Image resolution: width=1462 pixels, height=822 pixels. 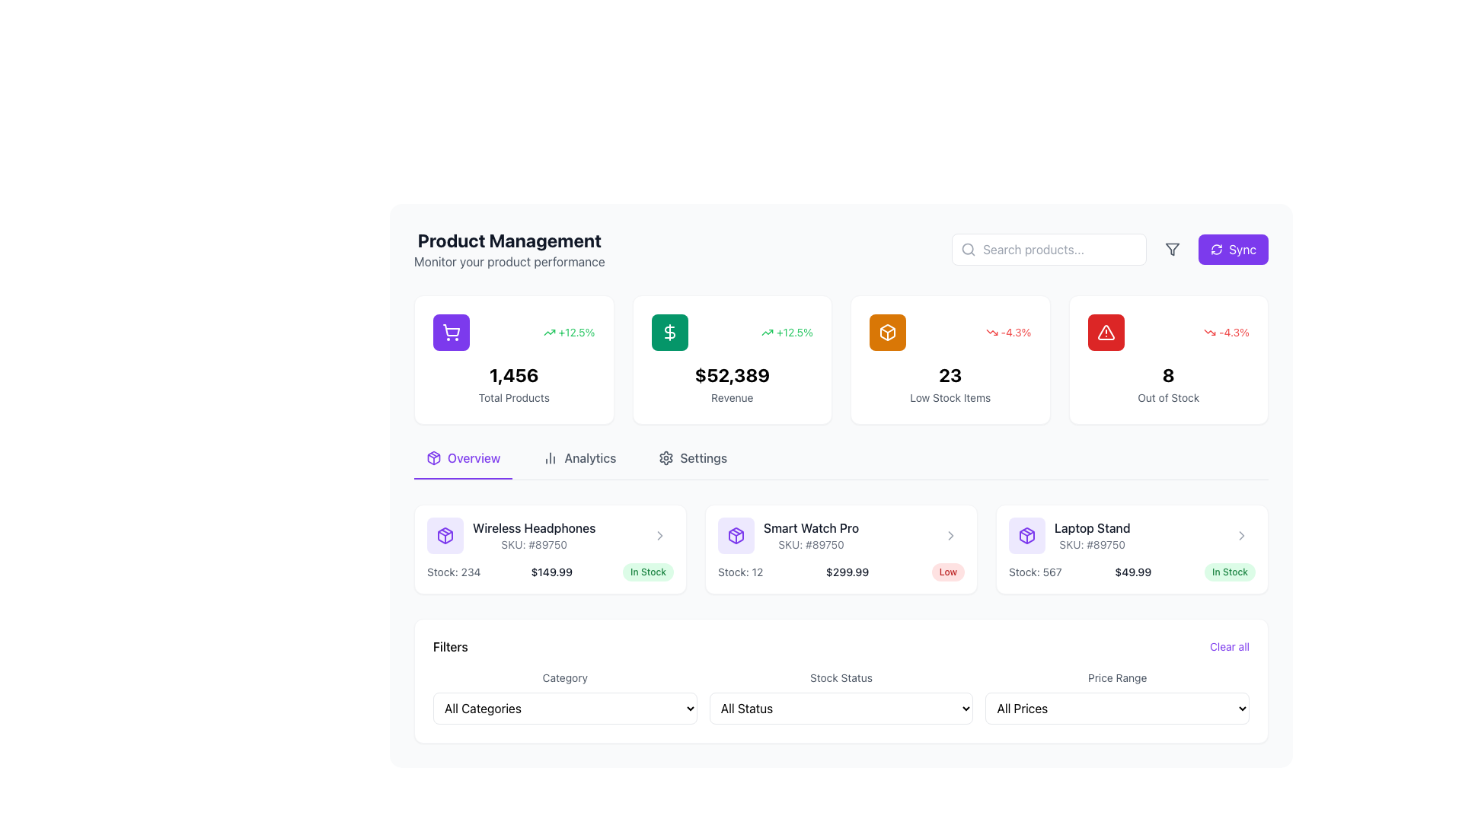 What do you see at coordinates (579, 463) in the screenshot?
I see `the analytics button in the navigation menu, which is the second item between 'Overview' and 'Settings', to trigger a visual response` at bounding box center [579, 463].